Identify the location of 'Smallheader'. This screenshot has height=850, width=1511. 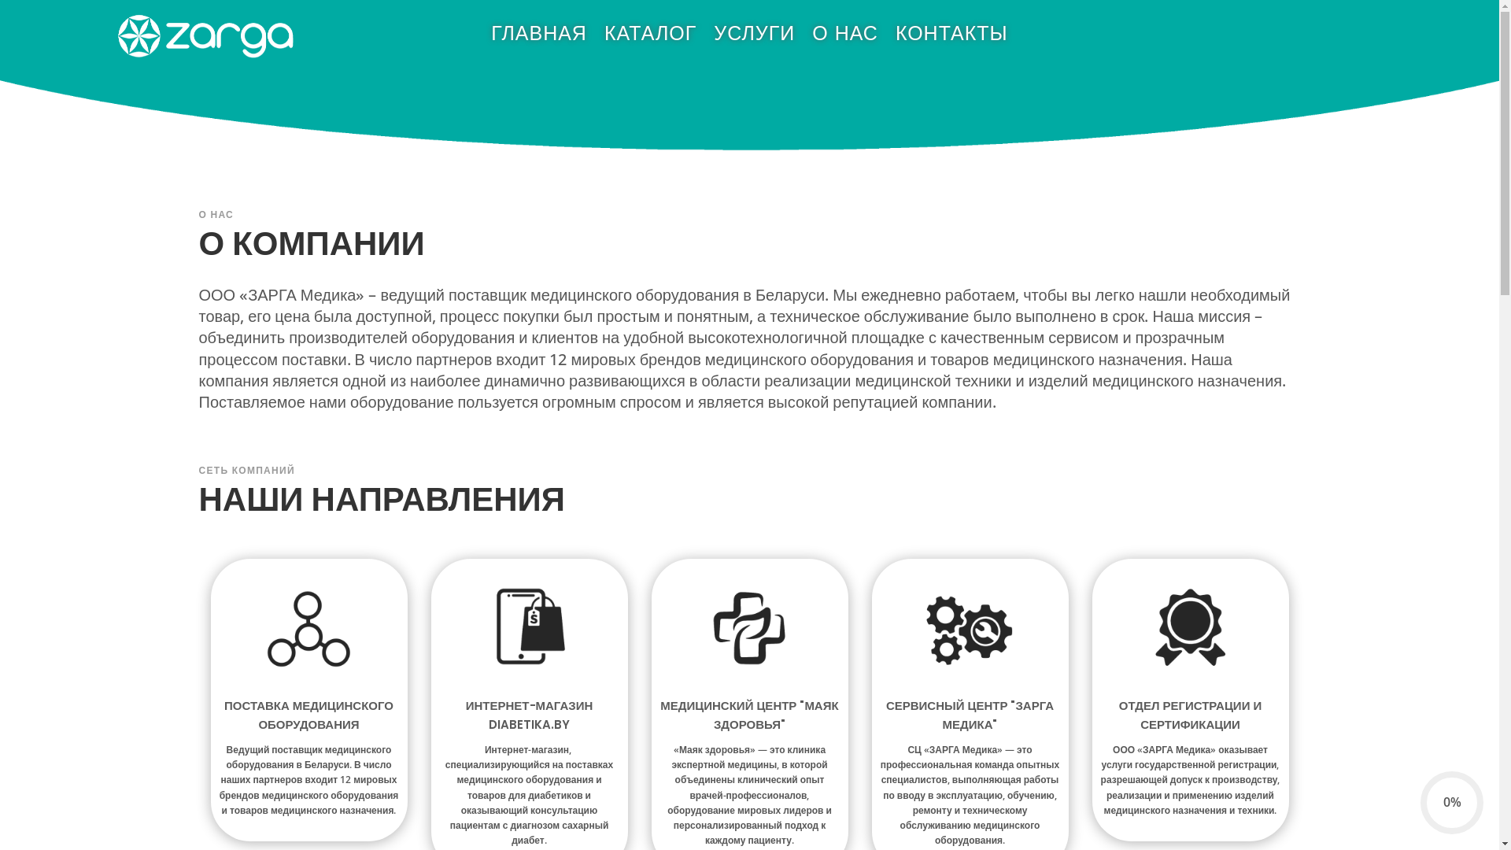
(748, 110).